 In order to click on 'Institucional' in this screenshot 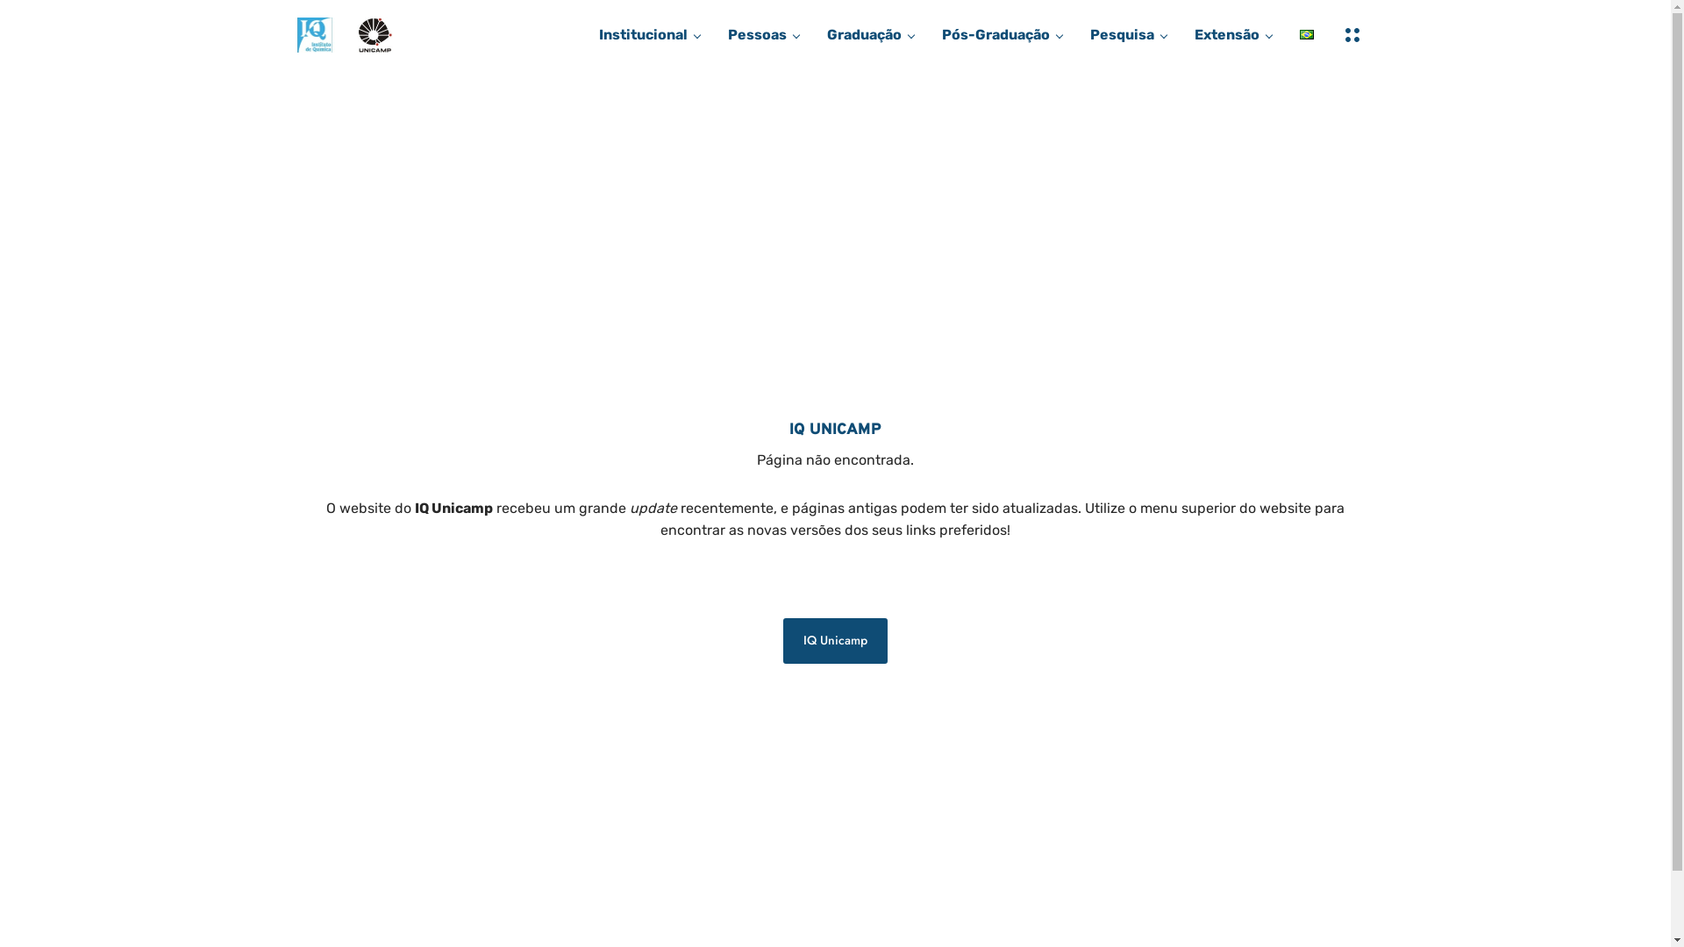, I will do `click(641, 34)`.